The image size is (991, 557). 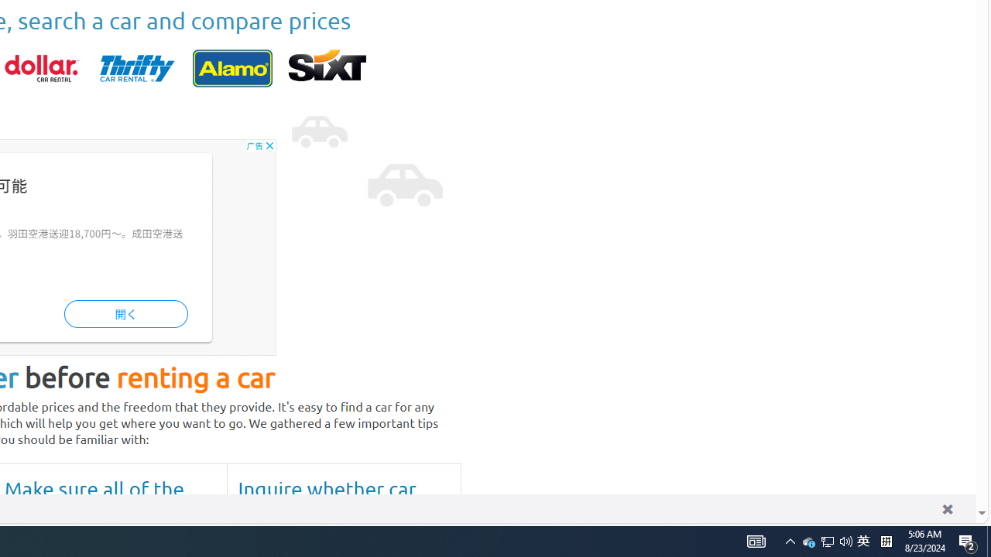 I want to click on 'AutomationID: cbb', so click(x=269, y=145).